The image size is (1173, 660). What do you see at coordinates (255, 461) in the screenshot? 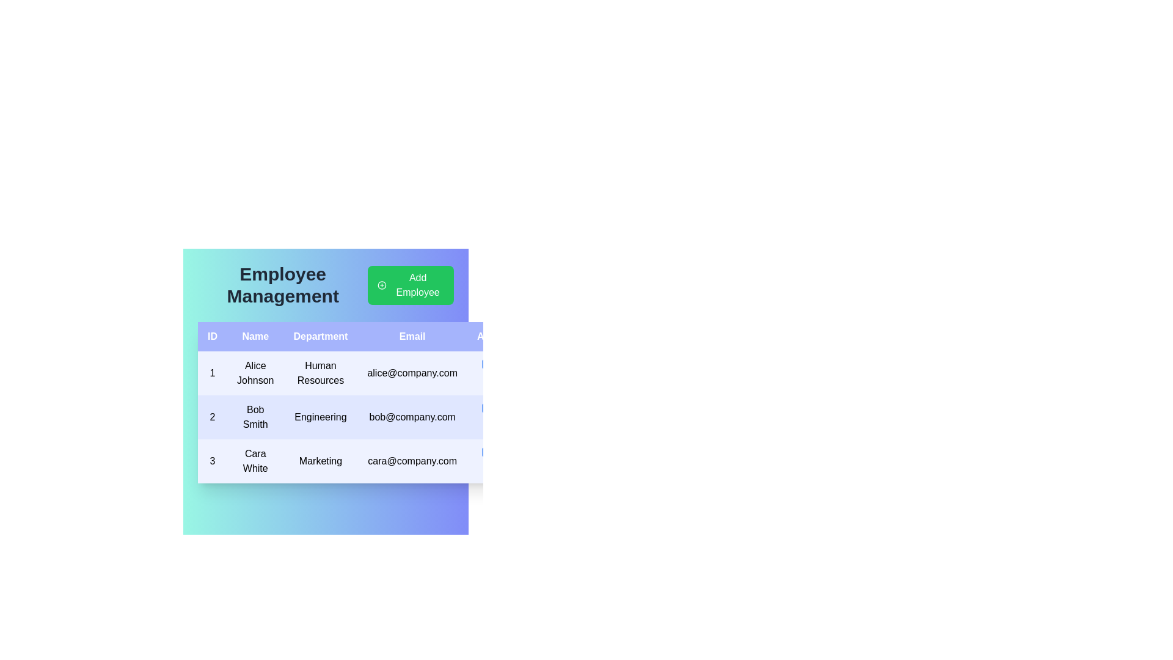
I see `text displayed in the Text Display Field showing the employee's name 'Cara White', located in the second column of the third row of the employee details table` at bounding box center [255, 461].